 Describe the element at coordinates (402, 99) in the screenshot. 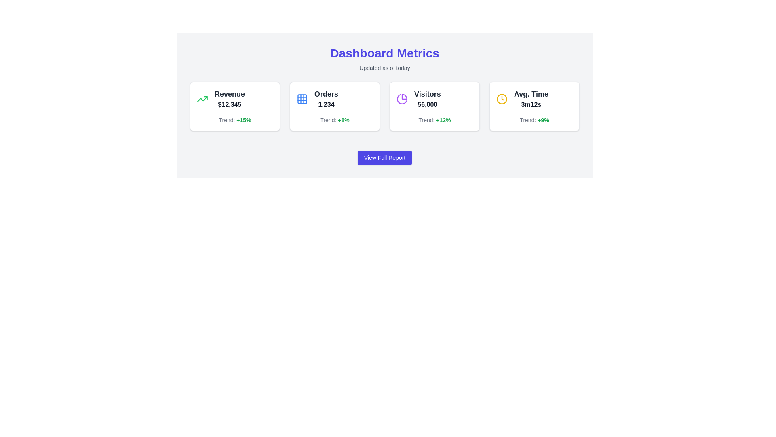

I see `the 'Visitors' icon located in the third card from the left on the dashboard, which visually represents the 'Visitors' metric` at that location.